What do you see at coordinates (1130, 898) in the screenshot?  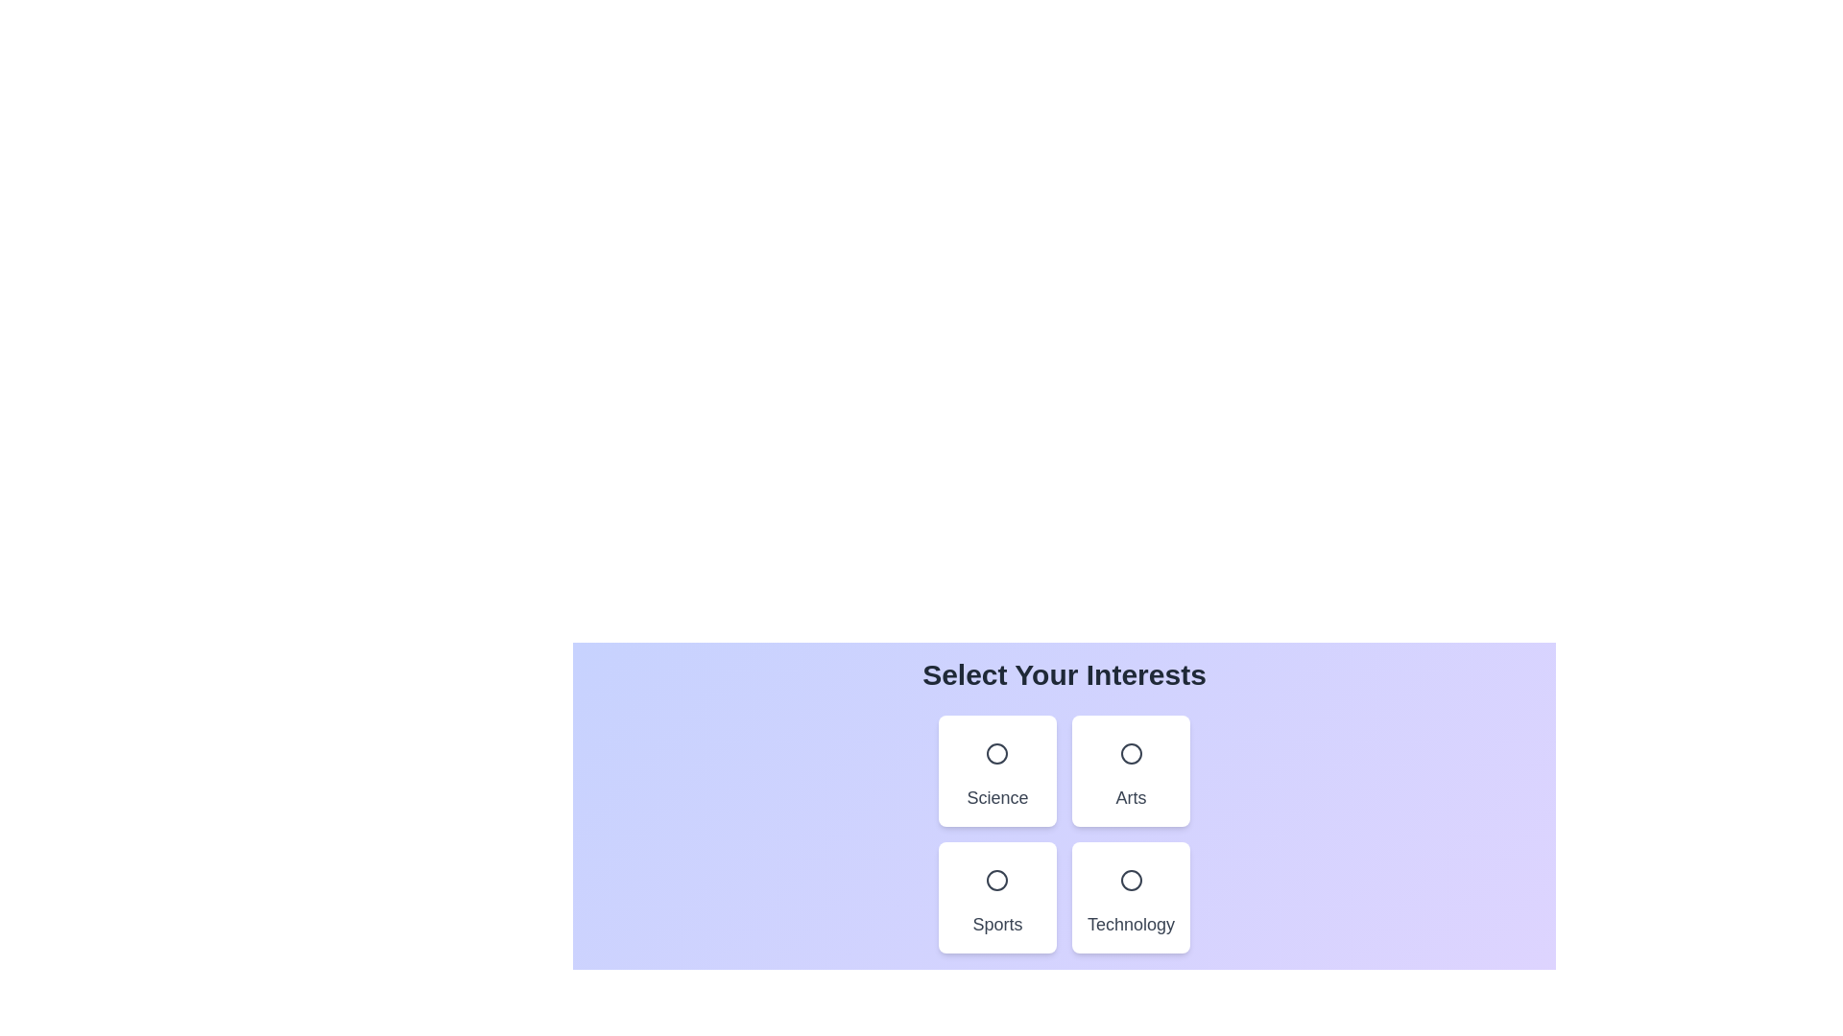 I see `the category Technology by clicking on it` at bounding box center [1130, 898].